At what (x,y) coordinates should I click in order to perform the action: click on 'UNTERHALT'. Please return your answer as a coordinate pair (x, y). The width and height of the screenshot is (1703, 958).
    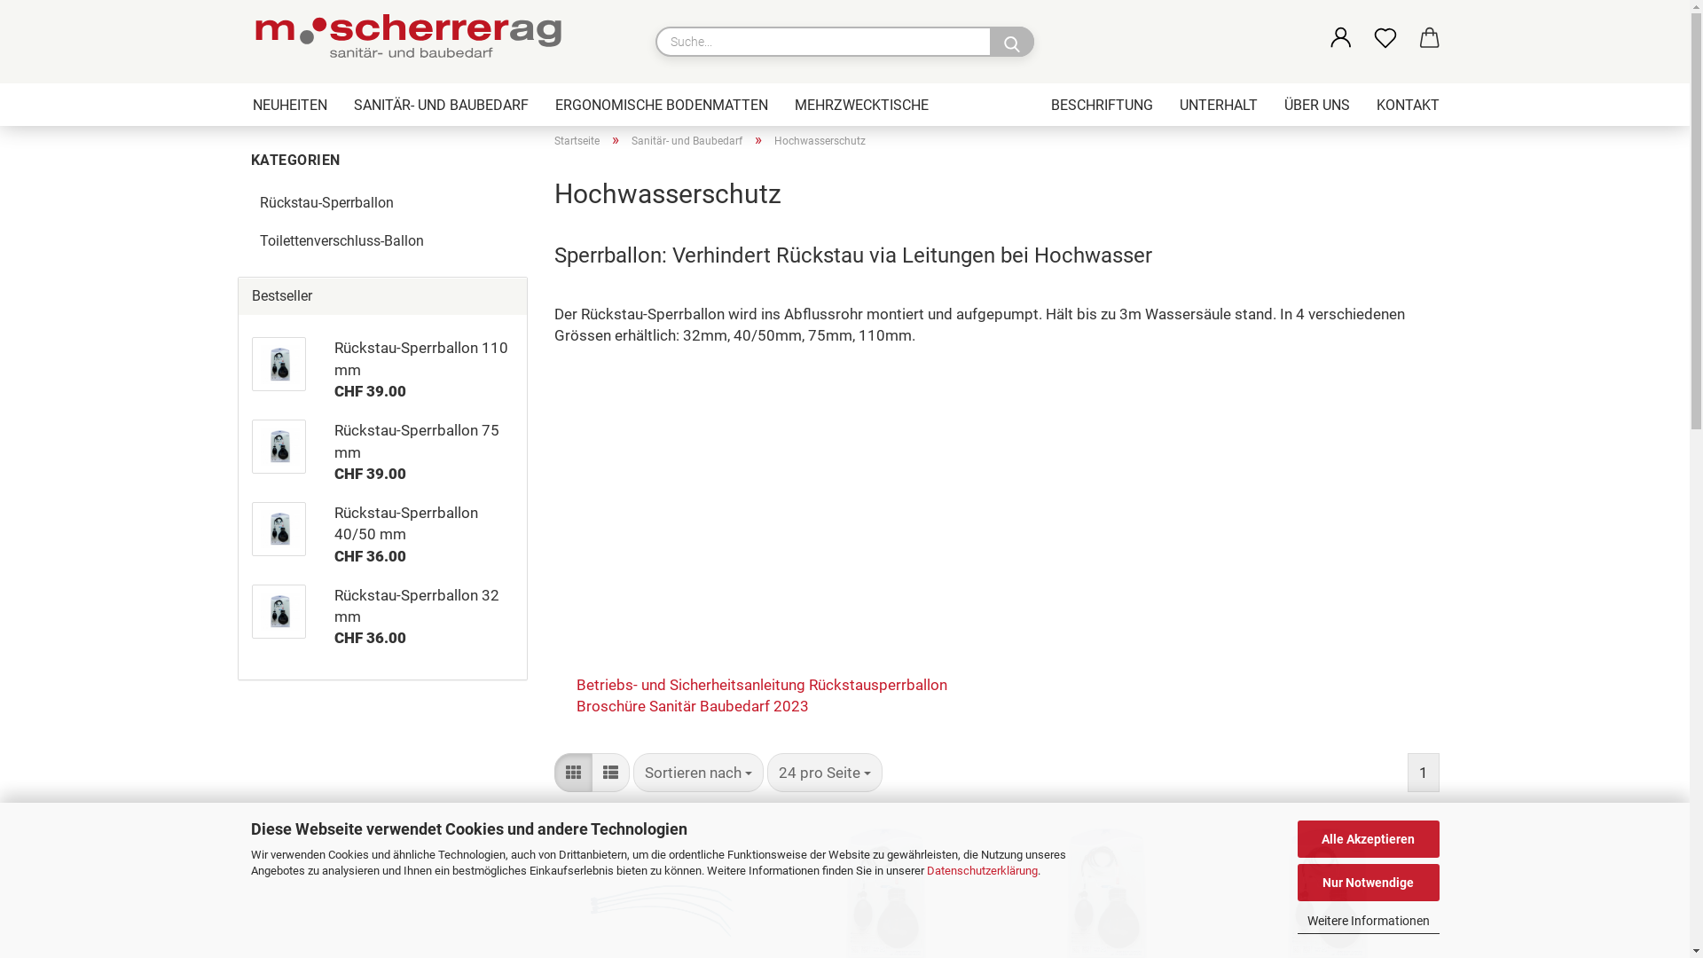
    Looking at the image, I should click on (1216, 105).